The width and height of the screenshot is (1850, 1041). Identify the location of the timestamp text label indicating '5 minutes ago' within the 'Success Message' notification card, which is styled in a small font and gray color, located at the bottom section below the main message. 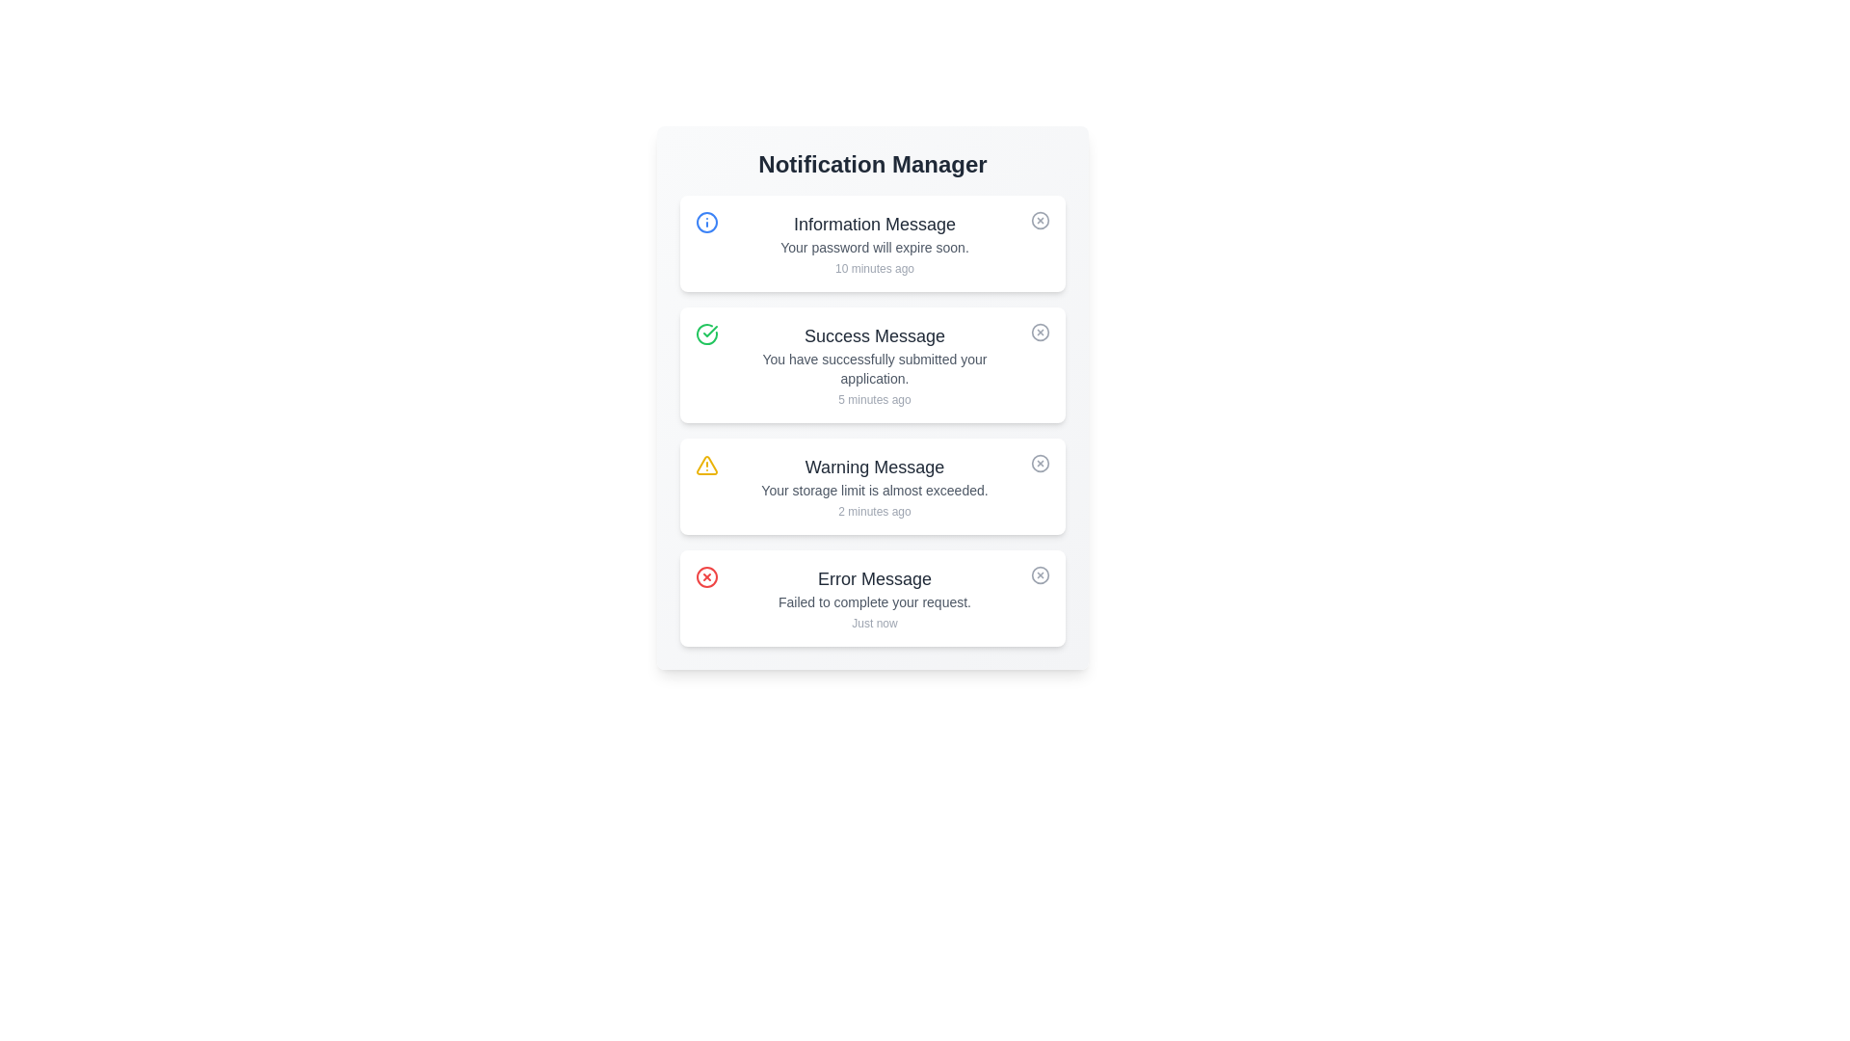
(873, 399).